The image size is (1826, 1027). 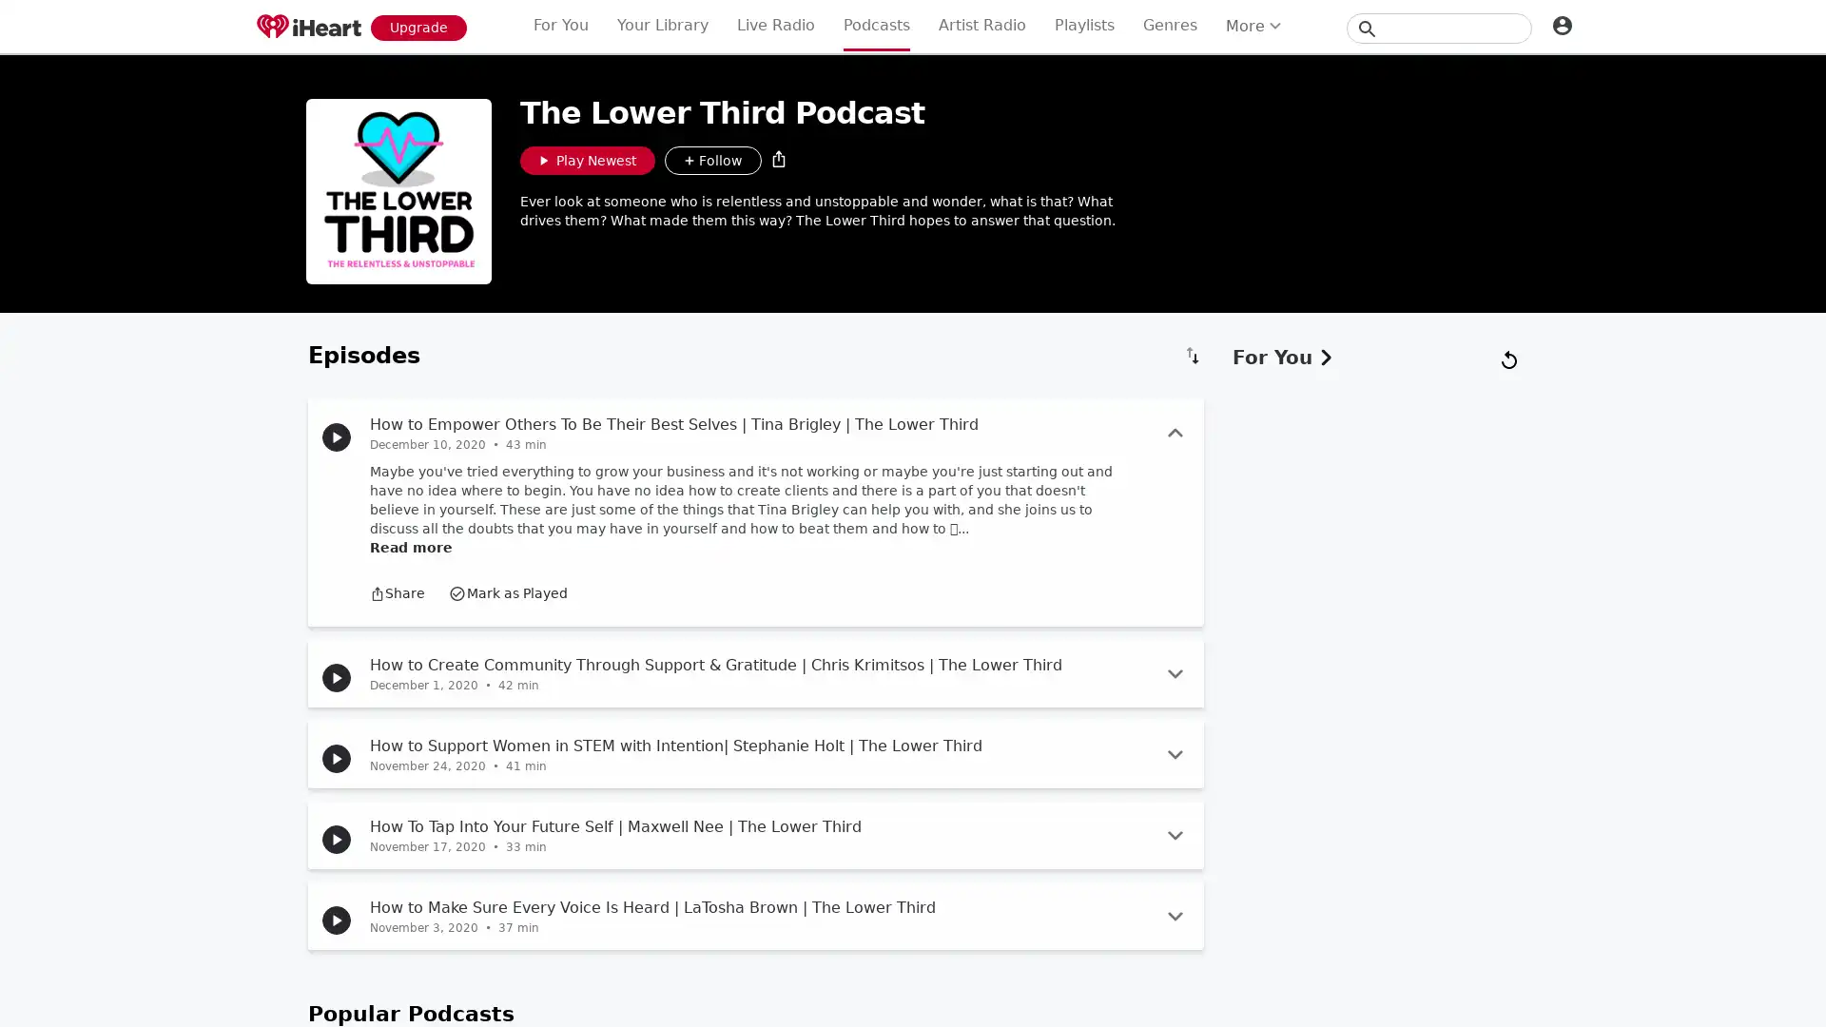 What do you see at coordinates (410, 824) in the screenshot?
I see `Read more` at bounding box center [410, 824].